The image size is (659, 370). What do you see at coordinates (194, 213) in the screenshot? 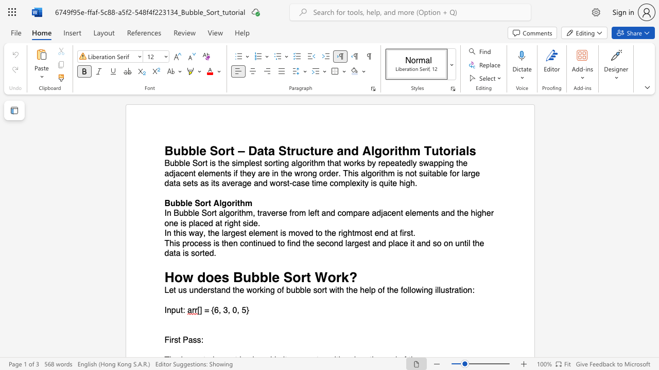
I see `the 1th character "l" in the text` at bounding box center [194, 213].